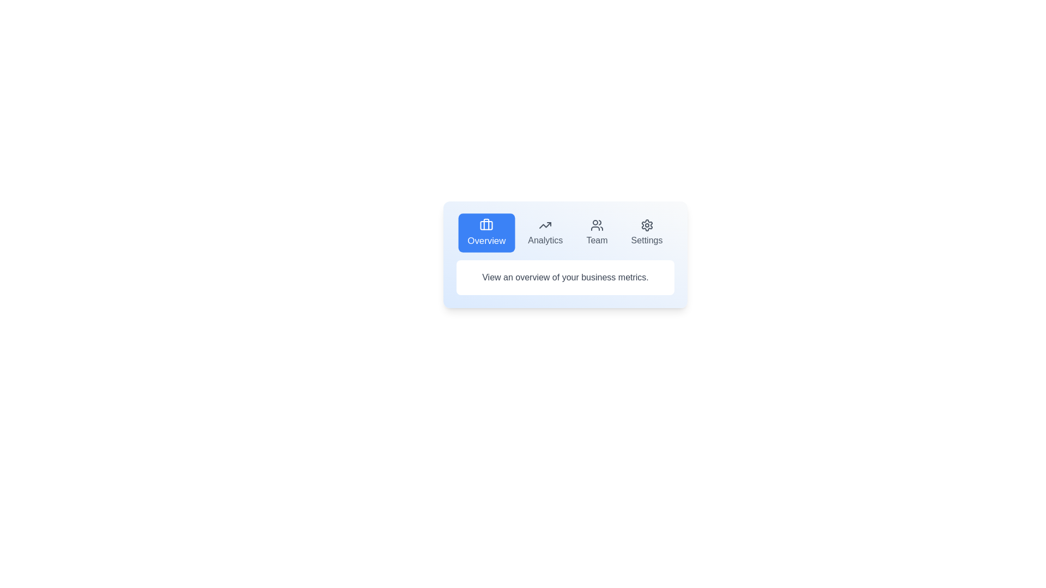 Image resolution: width=1046 pixels, height=588 pixels. What do you see at coordinates (647, 232) in the screenshot?
I see `the Settings tab by clicking on its button` at bounding box center [647, 232].